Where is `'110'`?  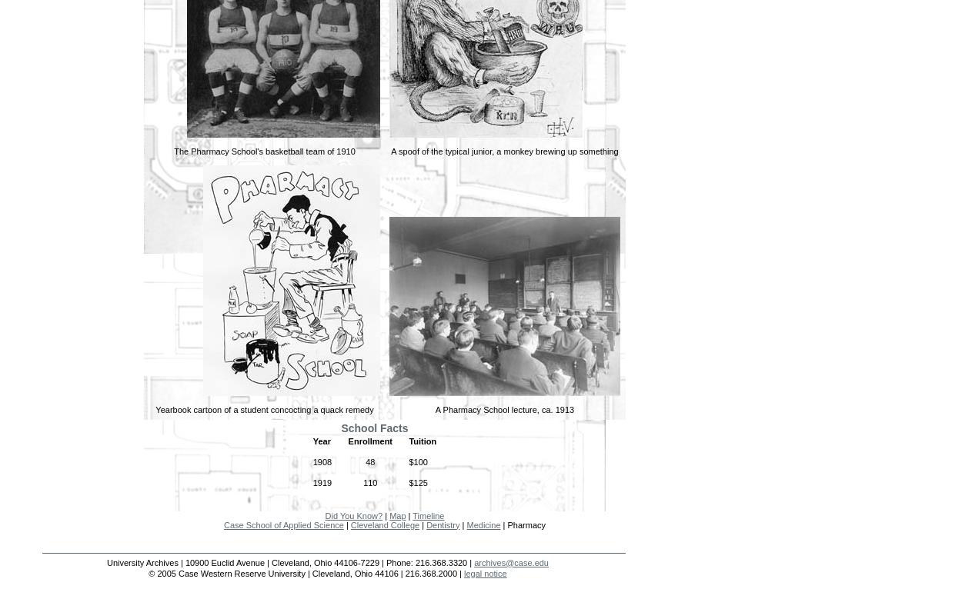
'110' is located at coordinates (369, 481).